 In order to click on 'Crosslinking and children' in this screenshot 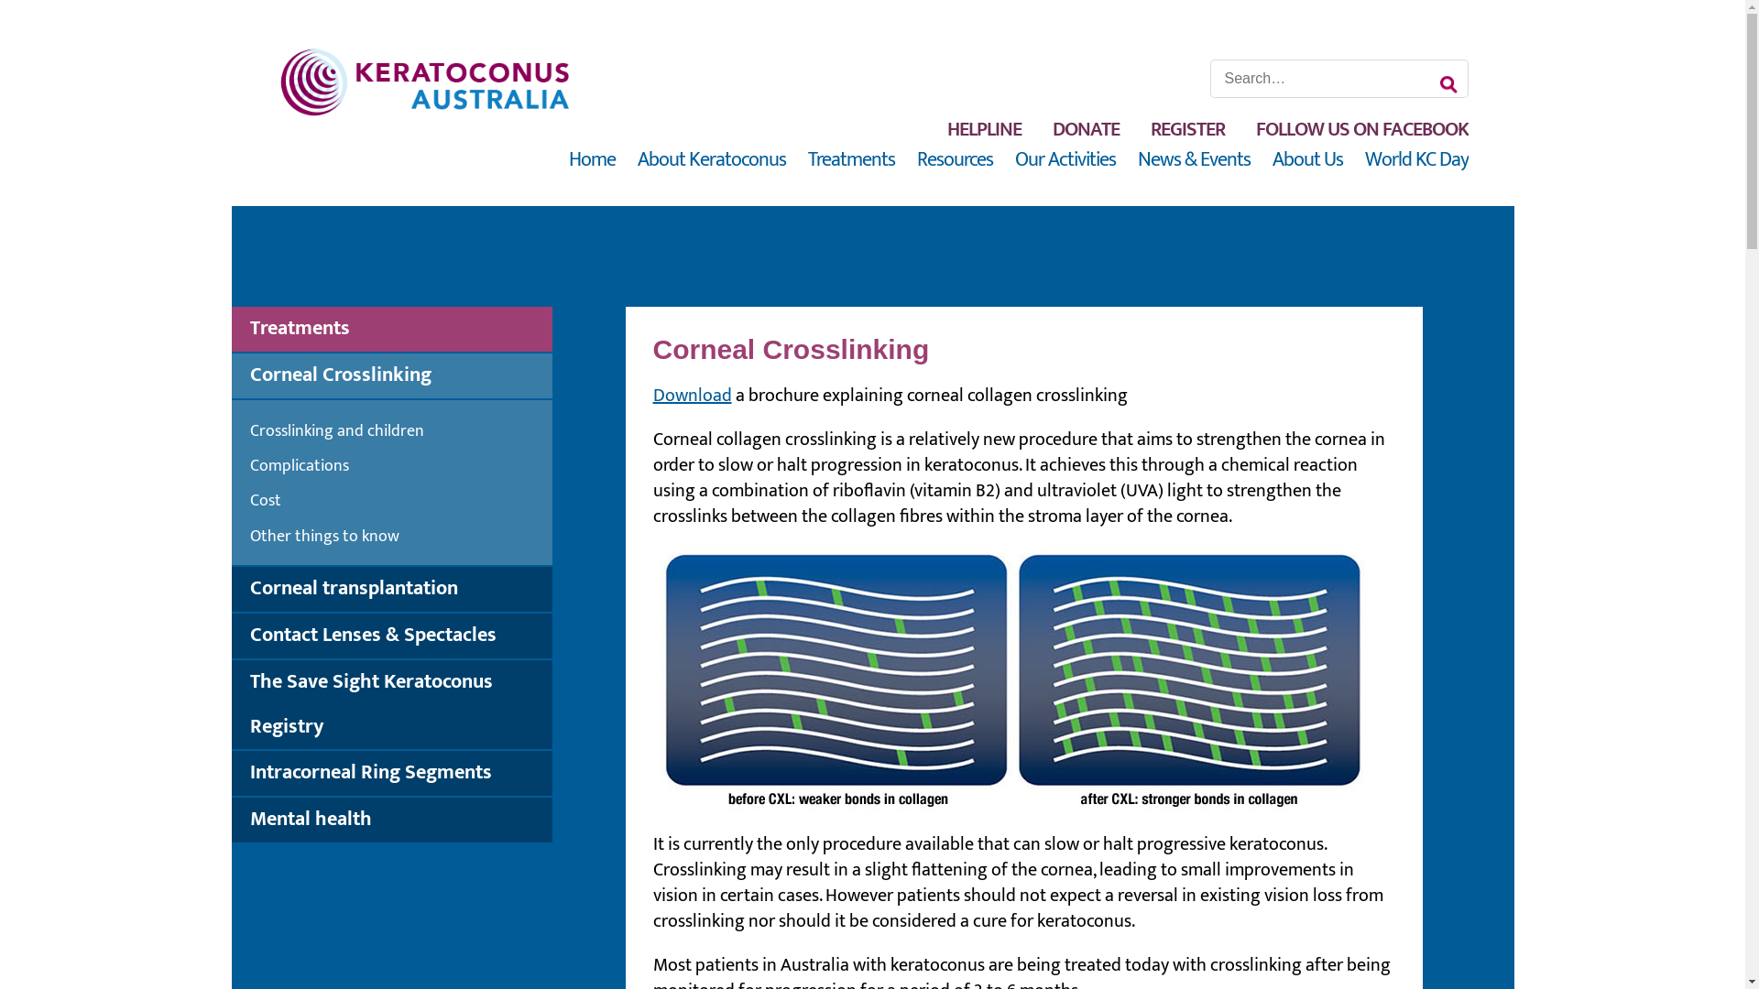, I will do `click(399, 431)`.